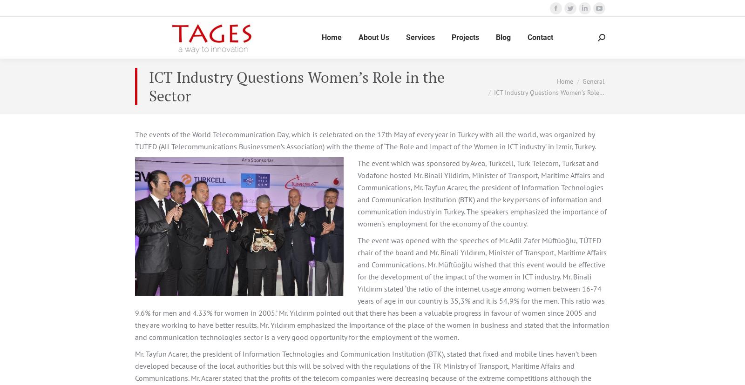  What do you see at coordinates (549, 91) in the screenshot?
I see `'ICT Industry Questions Women’s Role…'` at bounding box center [549, 91].